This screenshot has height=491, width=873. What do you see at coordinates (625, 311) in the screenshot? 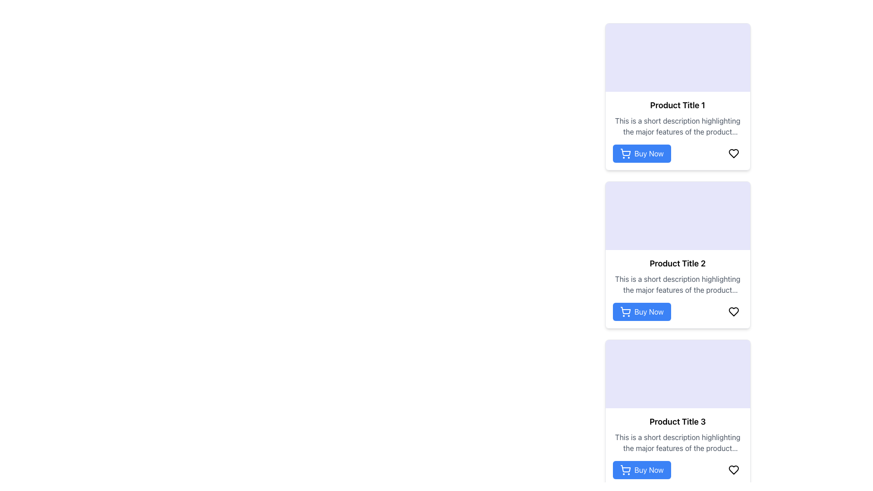
I see `the cart icon within the 'Buy Now' button located at the bottom of the 'Product Title 2' product card` at bounding box center [625, 311].